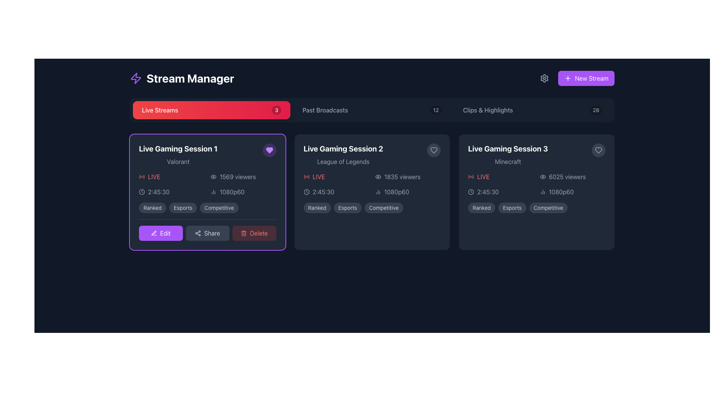  Describe the element at coordinates (211, 110) in the screenshot. I see `the 'Live Streams' button with a gradient background and a count of '3'` at that location.